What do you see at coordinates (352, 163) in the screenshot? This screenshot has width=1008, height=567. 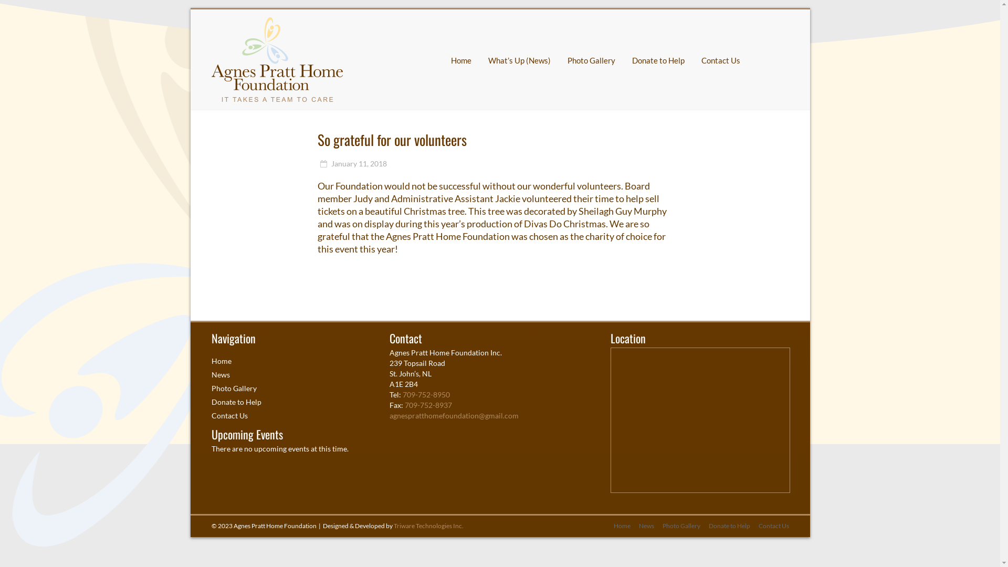 I see `'January 11, 2018'` at bounding box center [352, 163].